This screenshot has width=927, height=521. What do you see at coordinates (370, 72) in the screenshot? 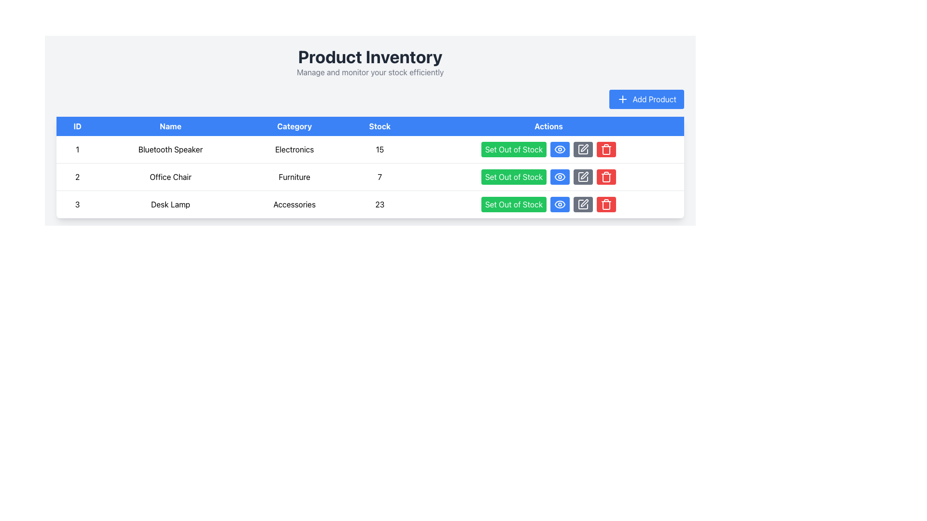
I see `the static text element that reads 'Manage and monitor your stock efficiently.' which is located below the title 'Product Inventory.'` at bounding box center [370, 72].